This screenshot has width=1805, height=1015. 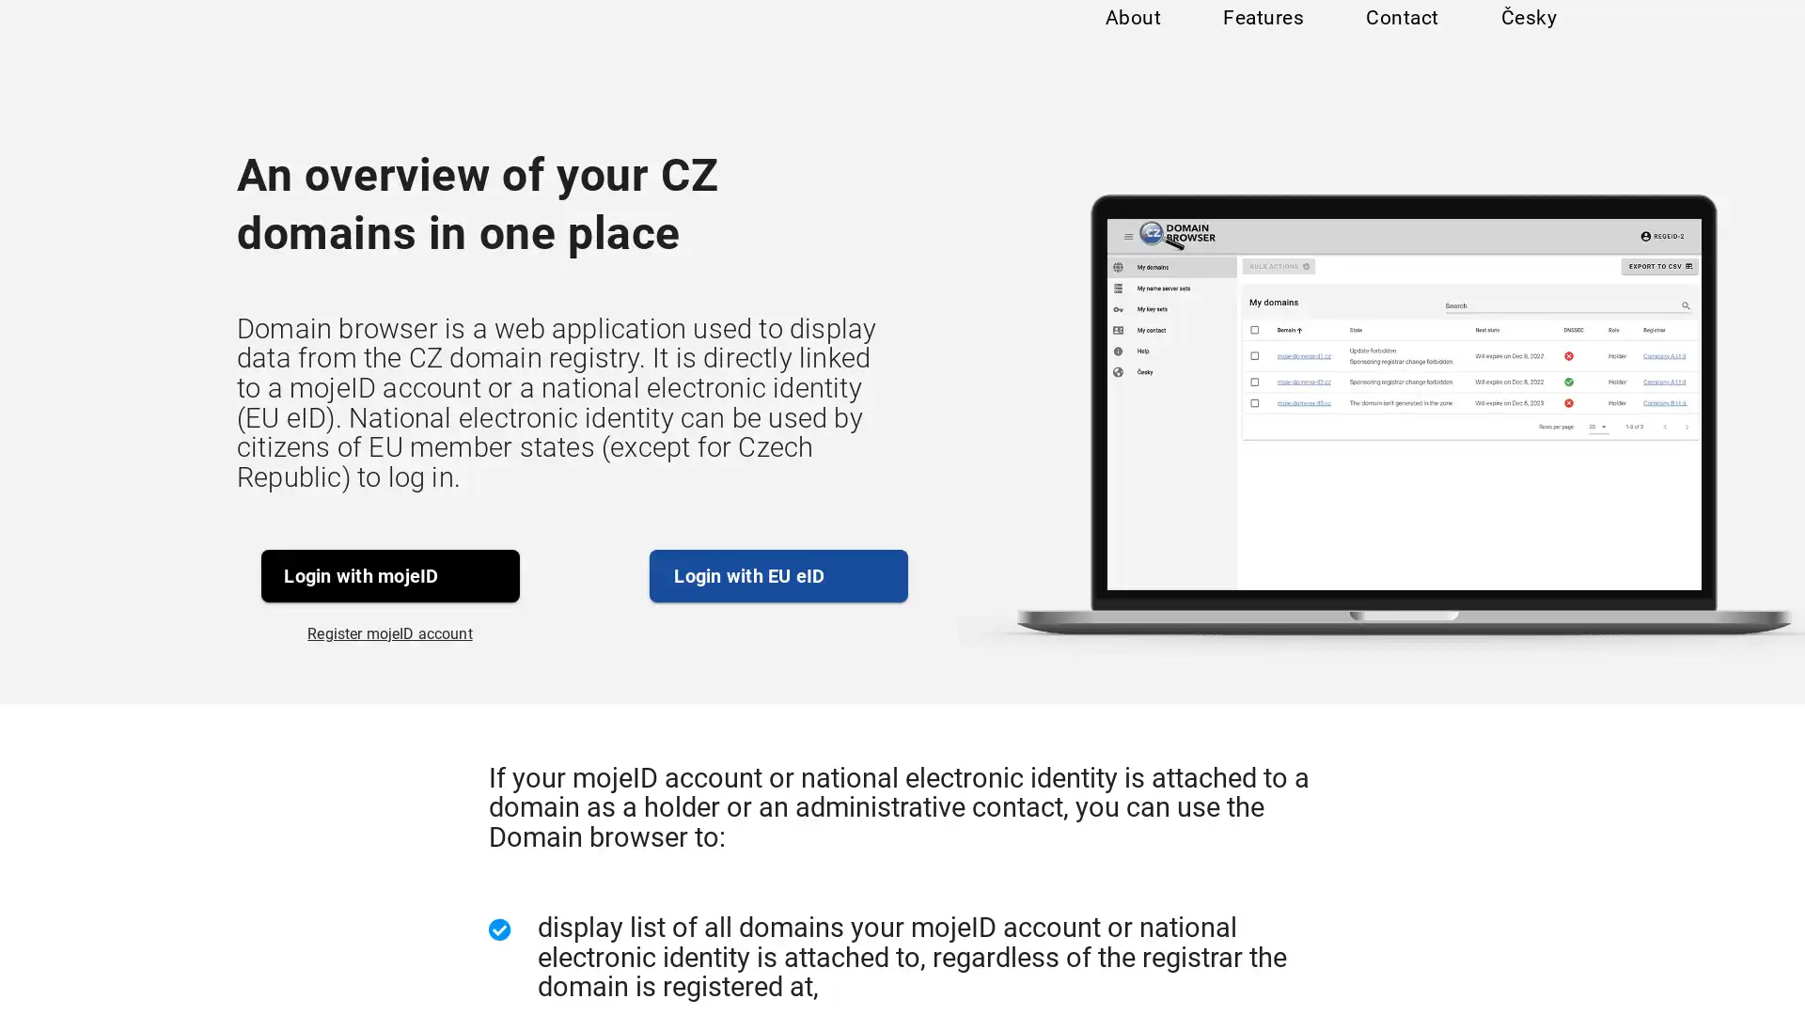 What do you see at coordinates (1263, 39) in the screenshot?
I see `Features` at bounding box center [1263, 39].